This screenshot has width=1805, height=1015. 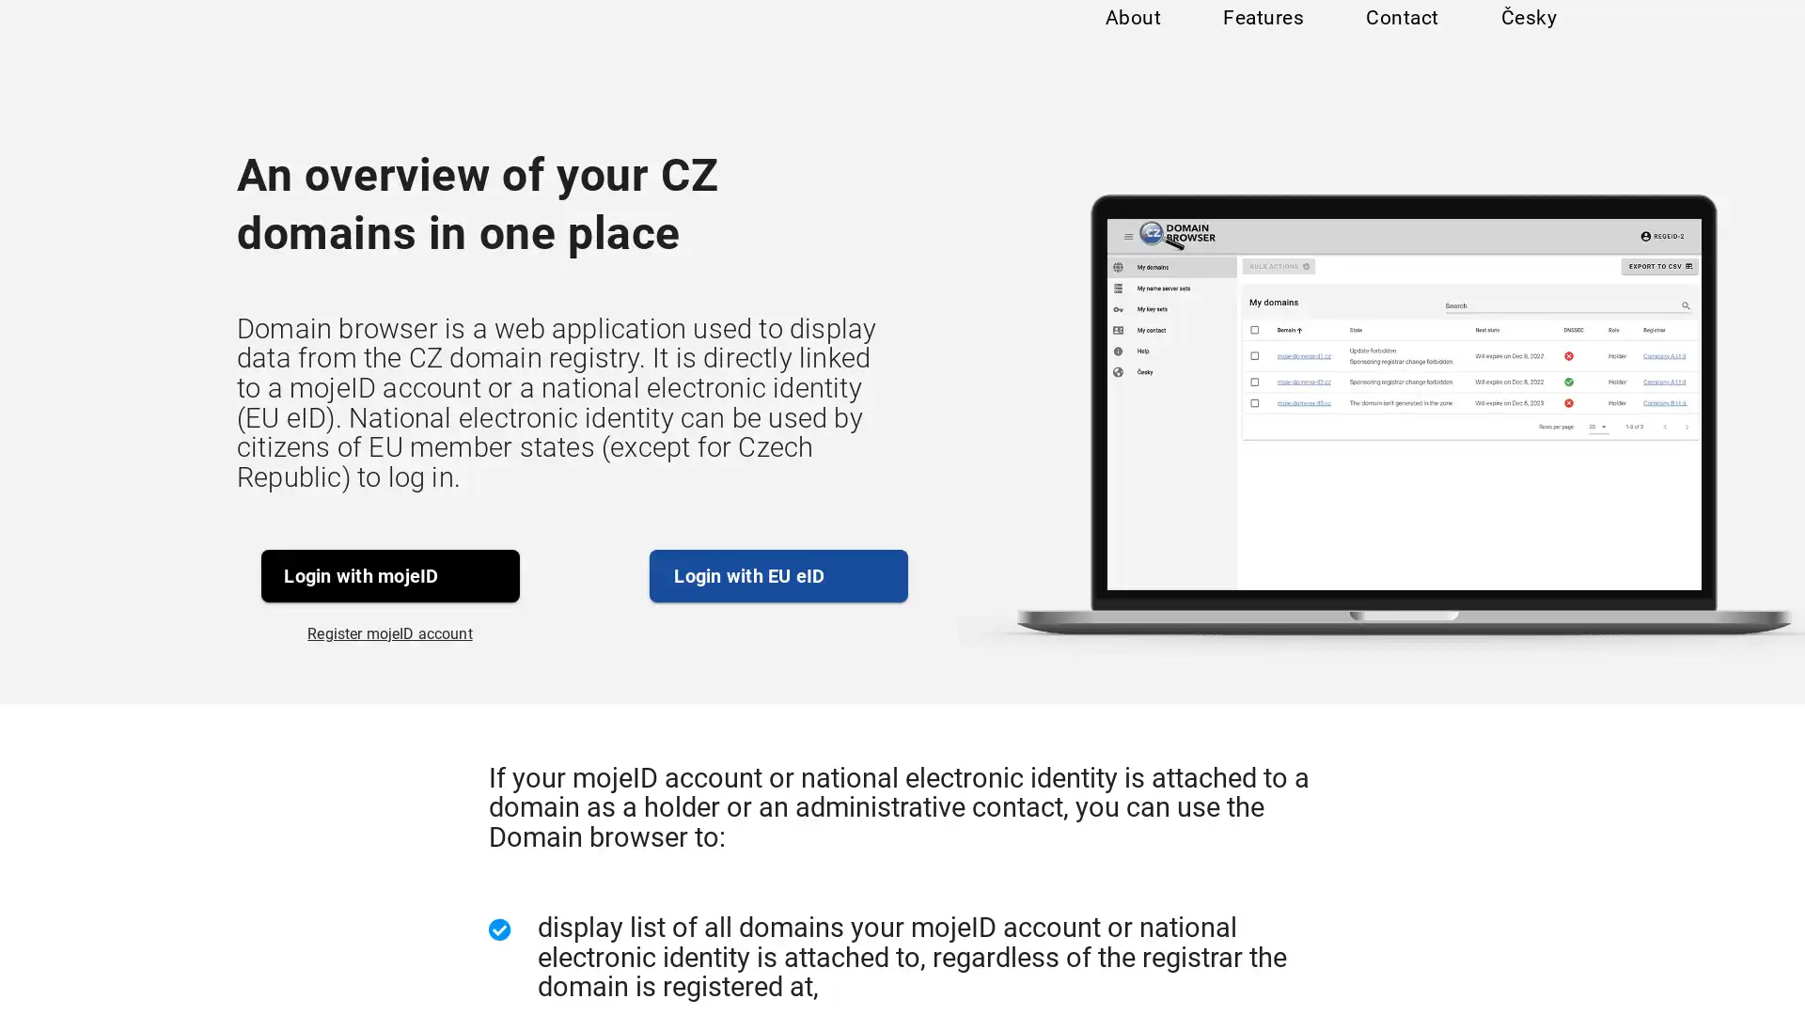 What do you see at coordinates (1263, 39) in the screenshot?
I see `Features` at bounding box center [1263, 39].